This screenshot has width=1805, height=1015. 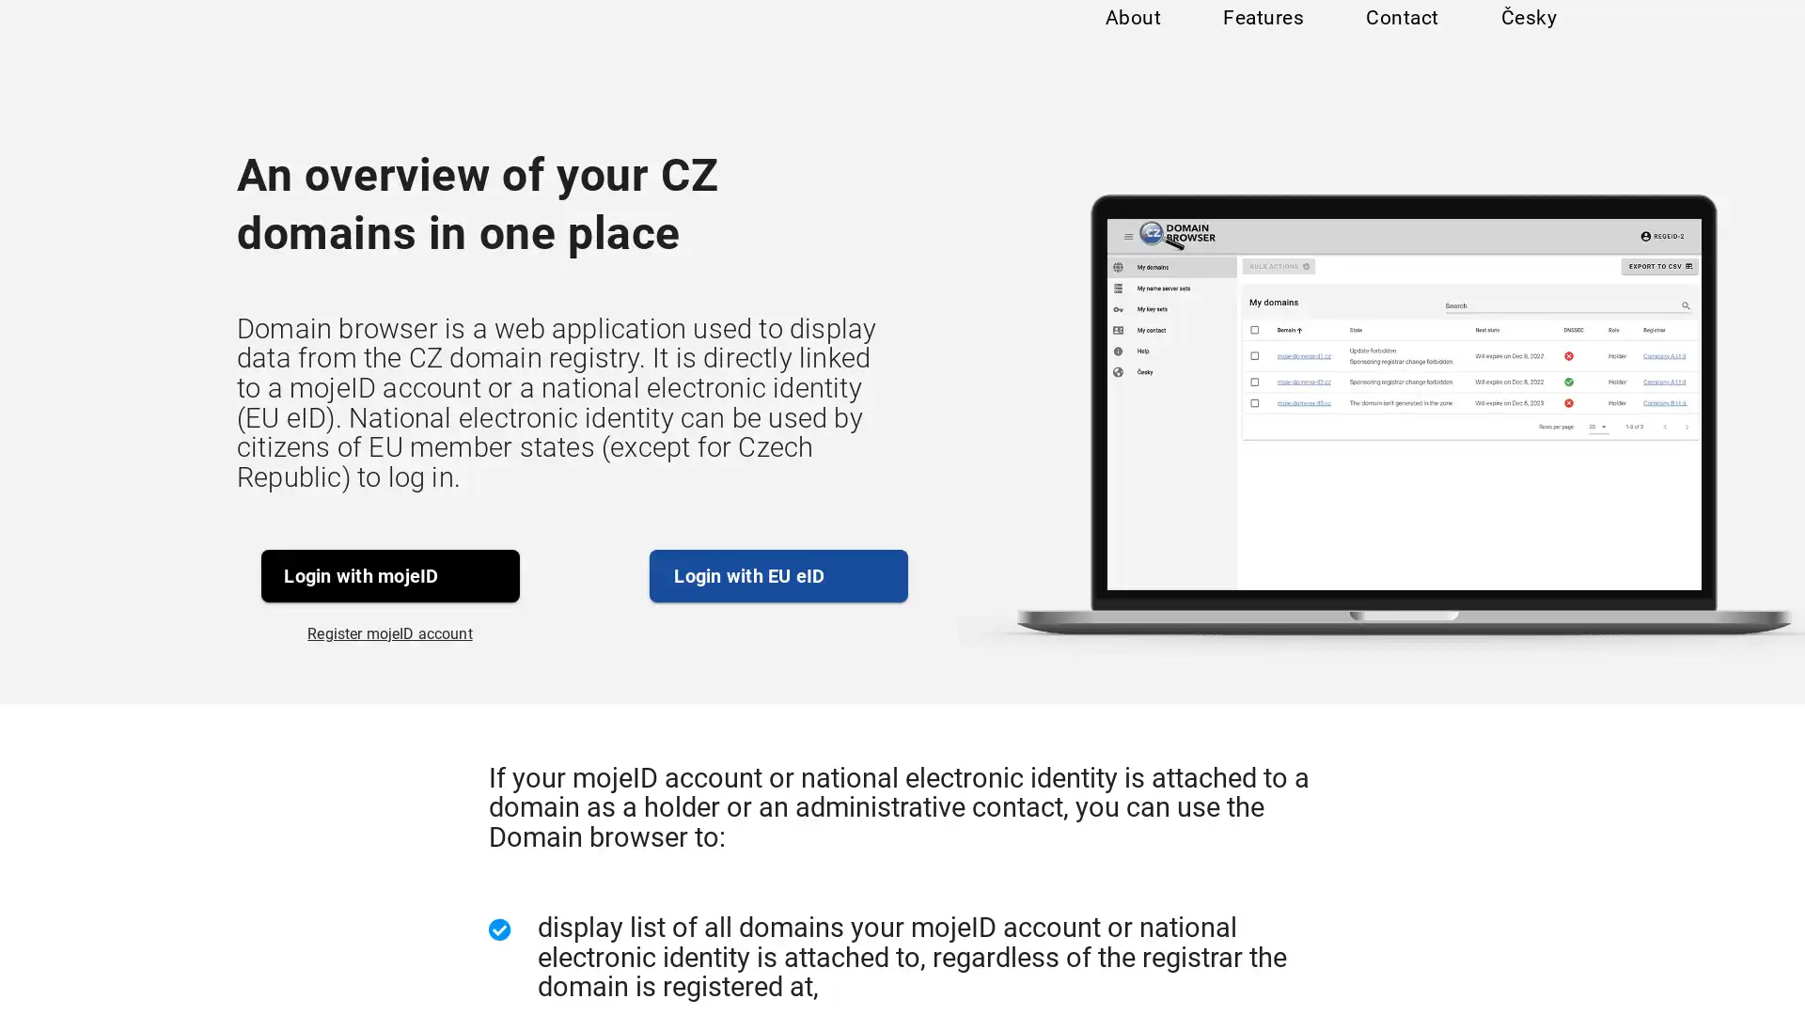 What do you see at coordinates (1263, 39) in the screenshot?
I see `Features` at bounding box center [1263, 39].